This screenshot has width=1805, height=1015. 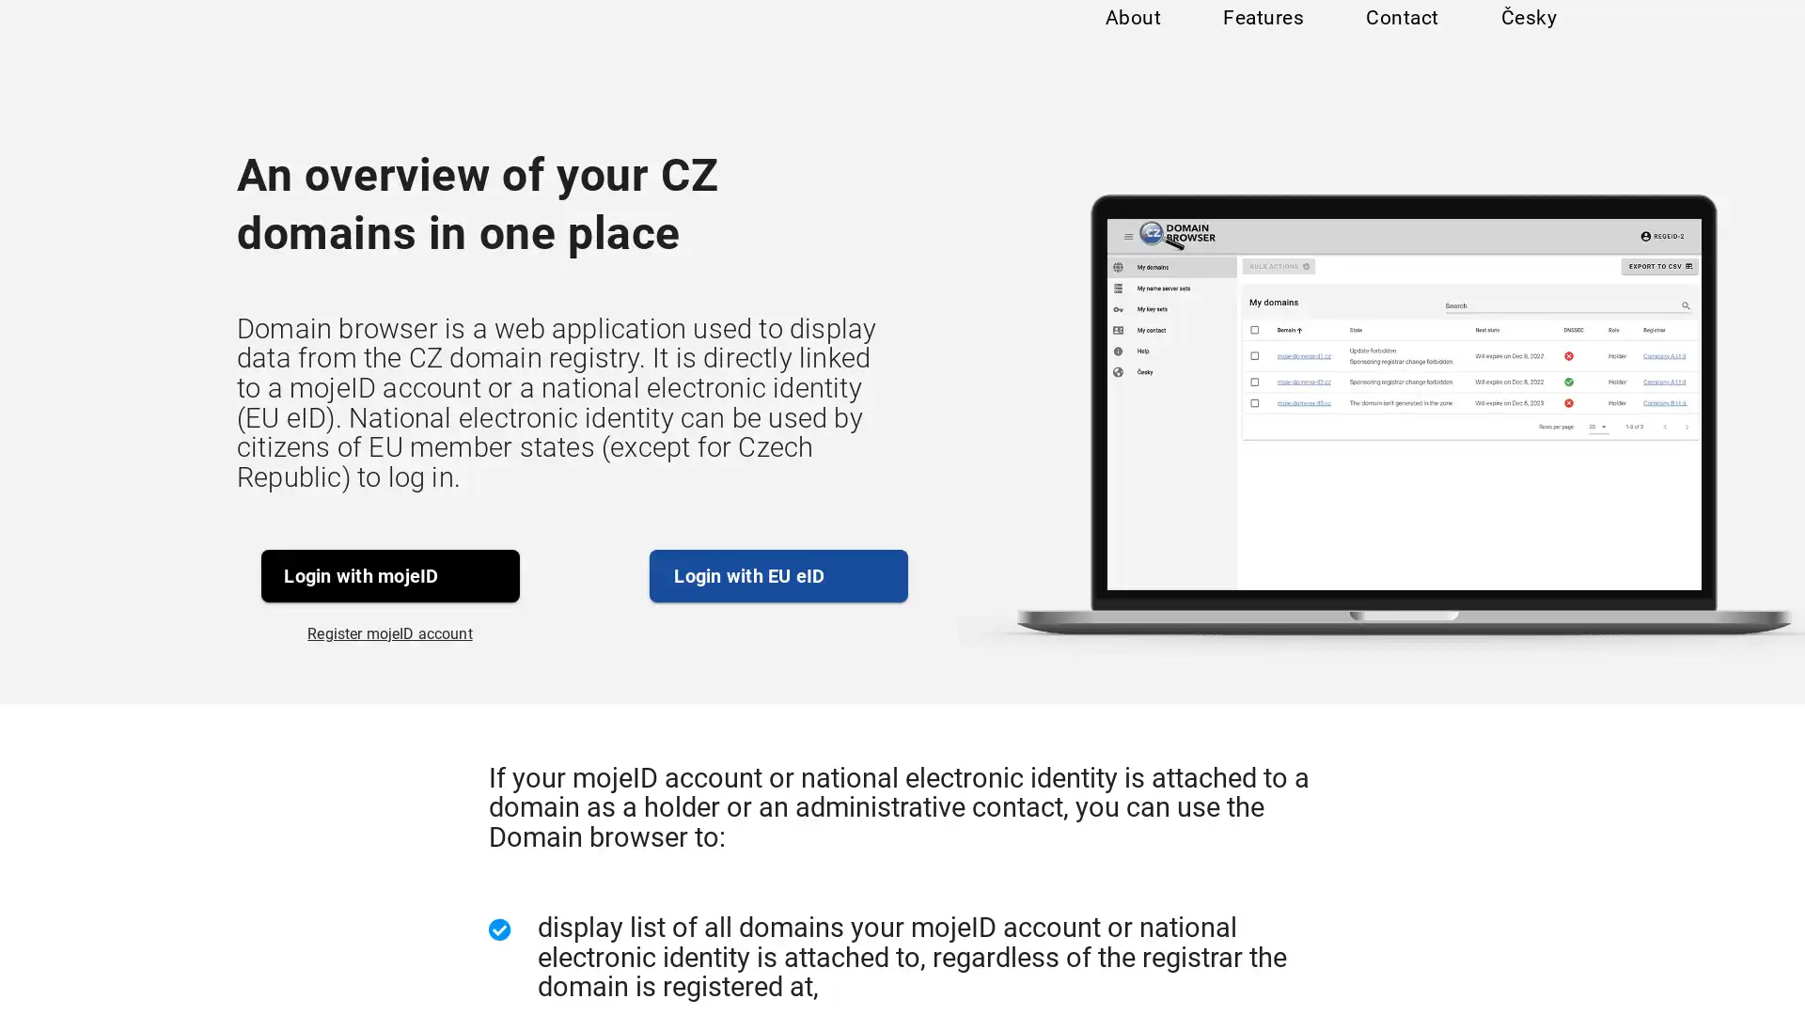 What do you see at coordinates (1263, 39) in the screenshot?
I see `Features` at bounding box center [1263, 39].